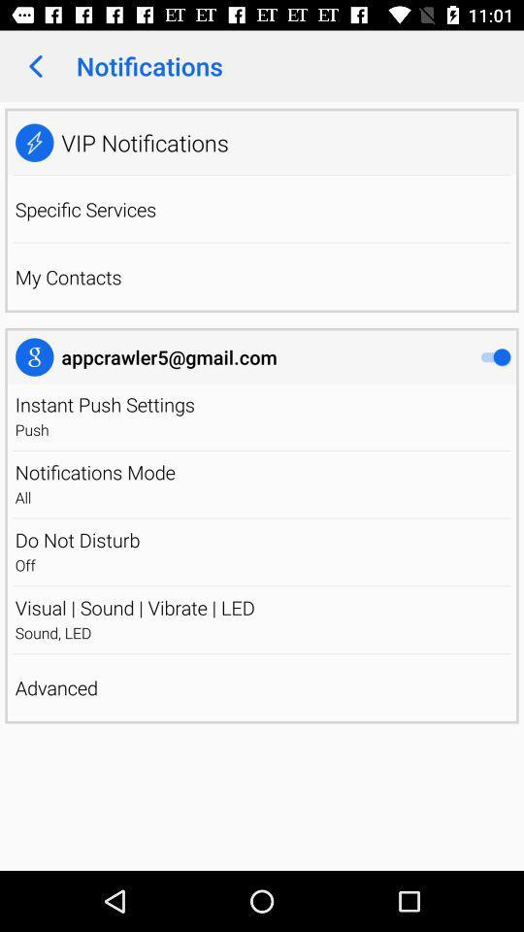  Describe the element at coordinates (84, 209) in the screenshot. I see `the specific services icon` at that location.